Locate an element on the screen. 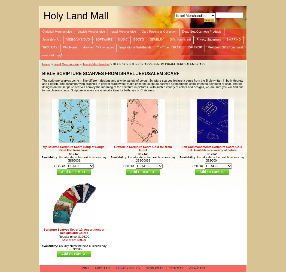  'JBSC12345' is located at coordinates (74, 249).